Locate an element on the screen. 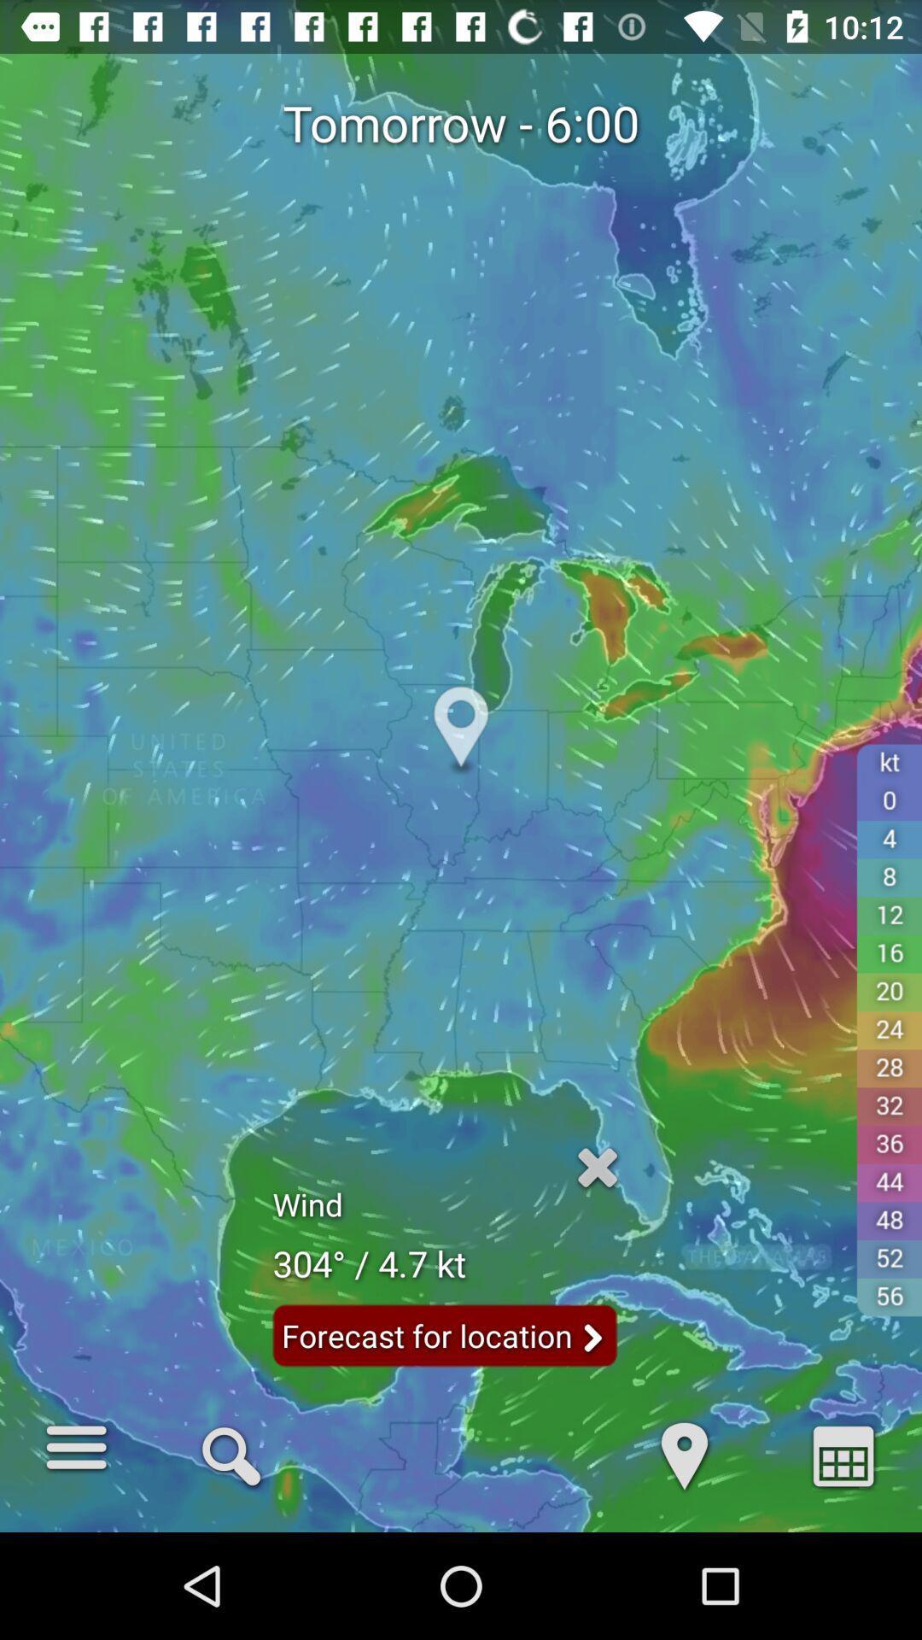 This screenshot has height=1640, width=922. q is located at coordinates (231, 1454).